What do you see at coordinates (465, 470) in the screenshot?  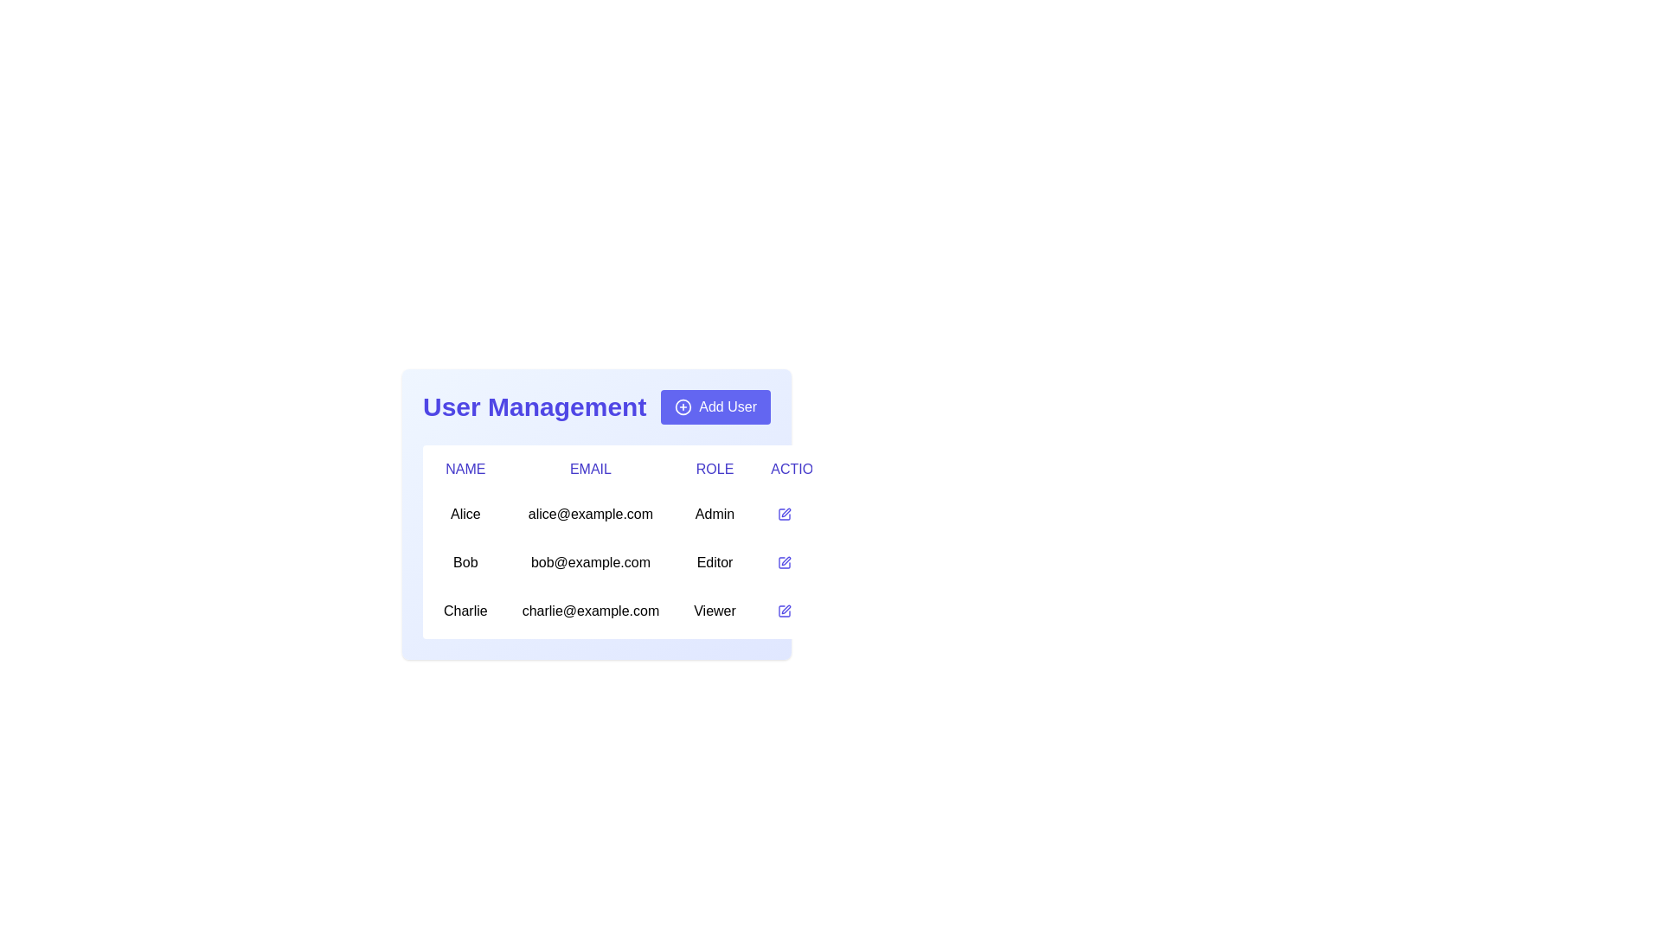 I see `the first column header in the table that identifies the user names, located above the 'Alice' row and to the left of the 'Email' header` at bounding box center [465, 470].